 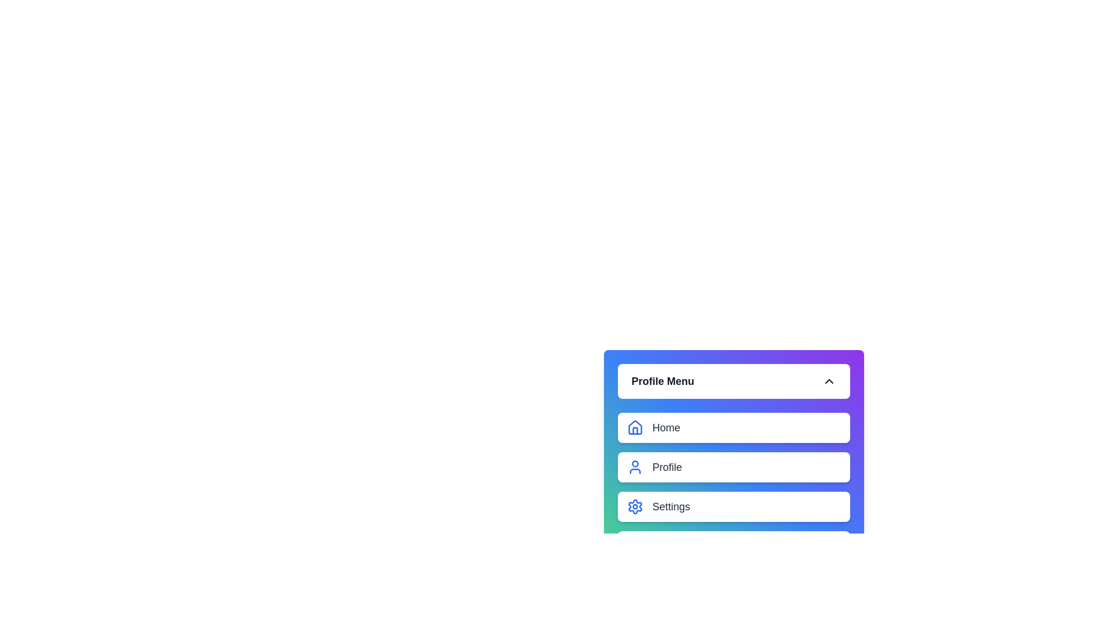 I want to click on the menu item corresponding to Home, so click(x=634, y=427).